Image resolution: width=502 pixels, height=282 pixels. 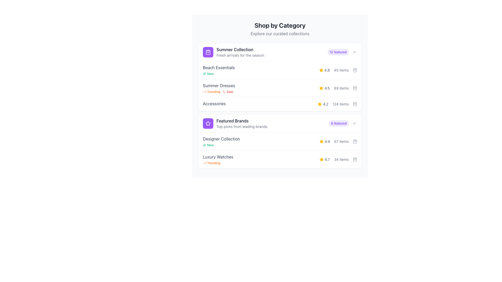 What do you see at coordinates (219, 70) in the screenshot?
I see `the 'Beach Essentials' text label` at bounding box center [219, 70].